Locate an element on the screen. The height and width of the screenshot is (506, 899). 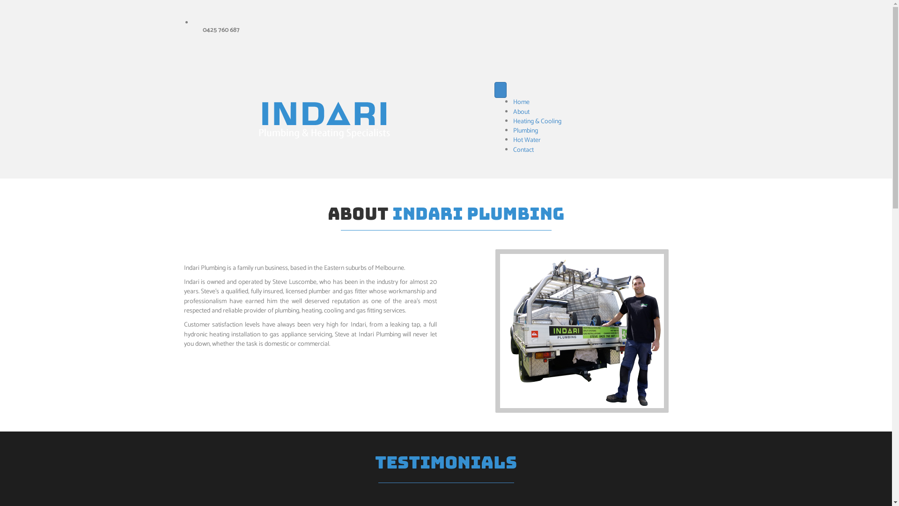
'indari-logo-01' is located at coordinates (325, 120).